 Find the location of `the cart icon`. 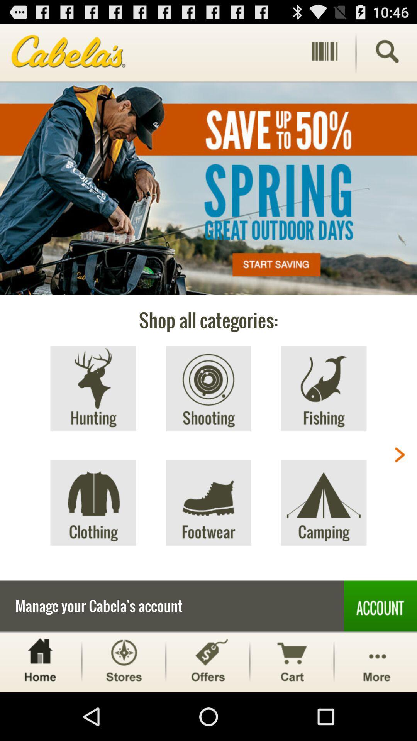

the cart icon is located at coordinates (292, 708).